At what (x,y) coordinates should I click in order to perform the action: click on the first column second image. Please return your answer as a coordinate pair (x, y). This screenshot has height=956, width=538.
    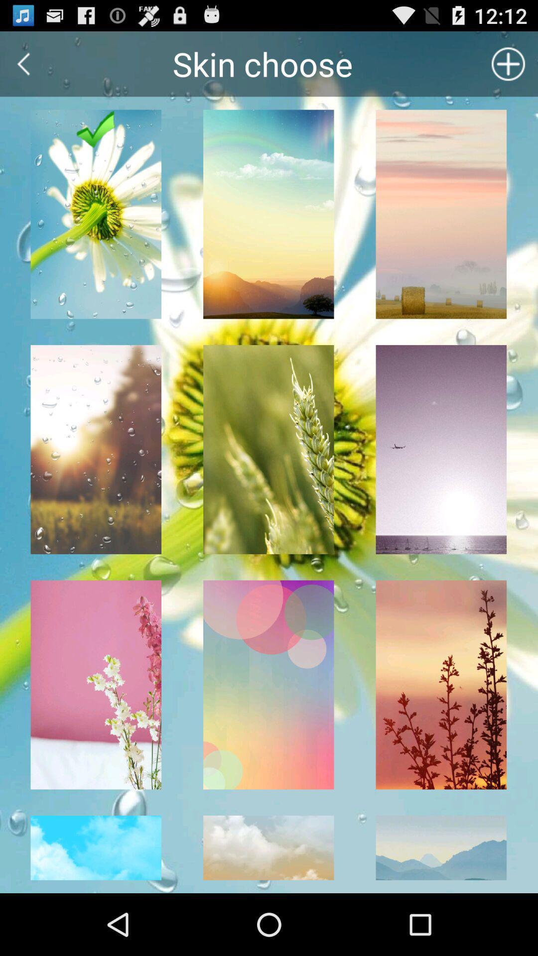
    Looking at the image, I should click on (96, 449).